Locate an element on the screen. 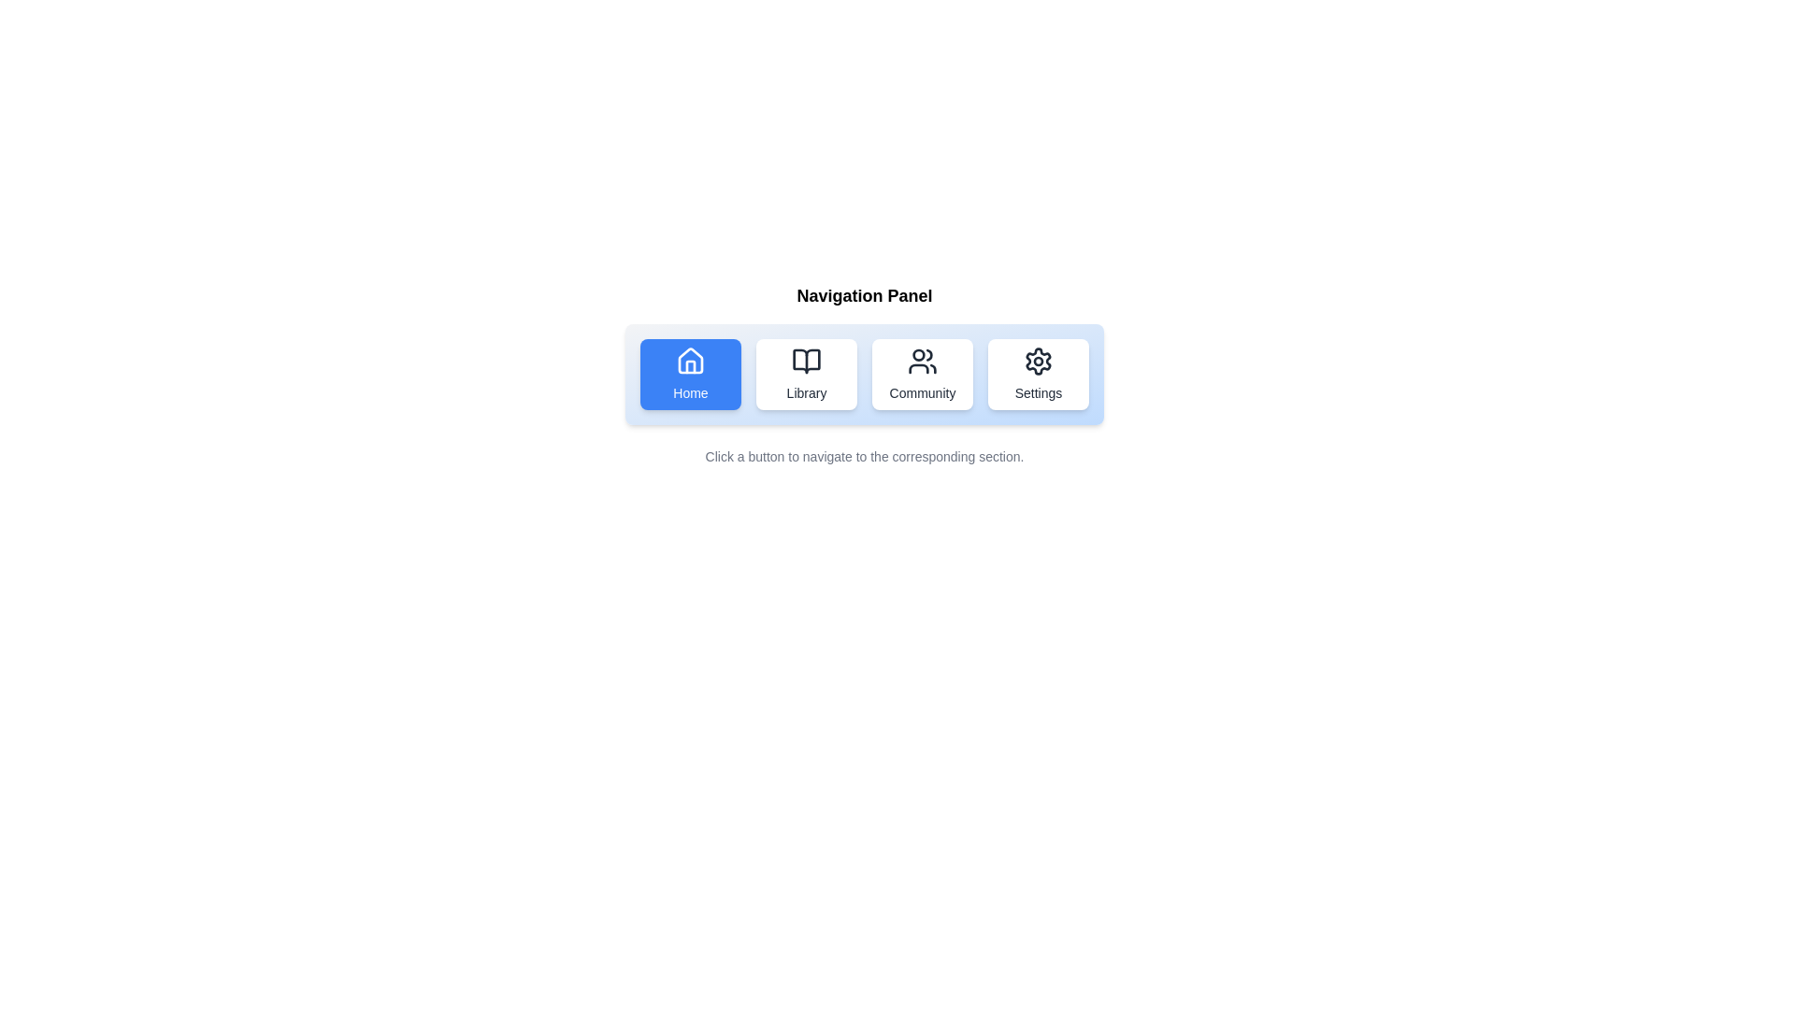 The height and width of the screenshot is (1009, 1795). the circular gear icon button labeled 'Settings' to change its appearance is located at coordinates (1037, 375).